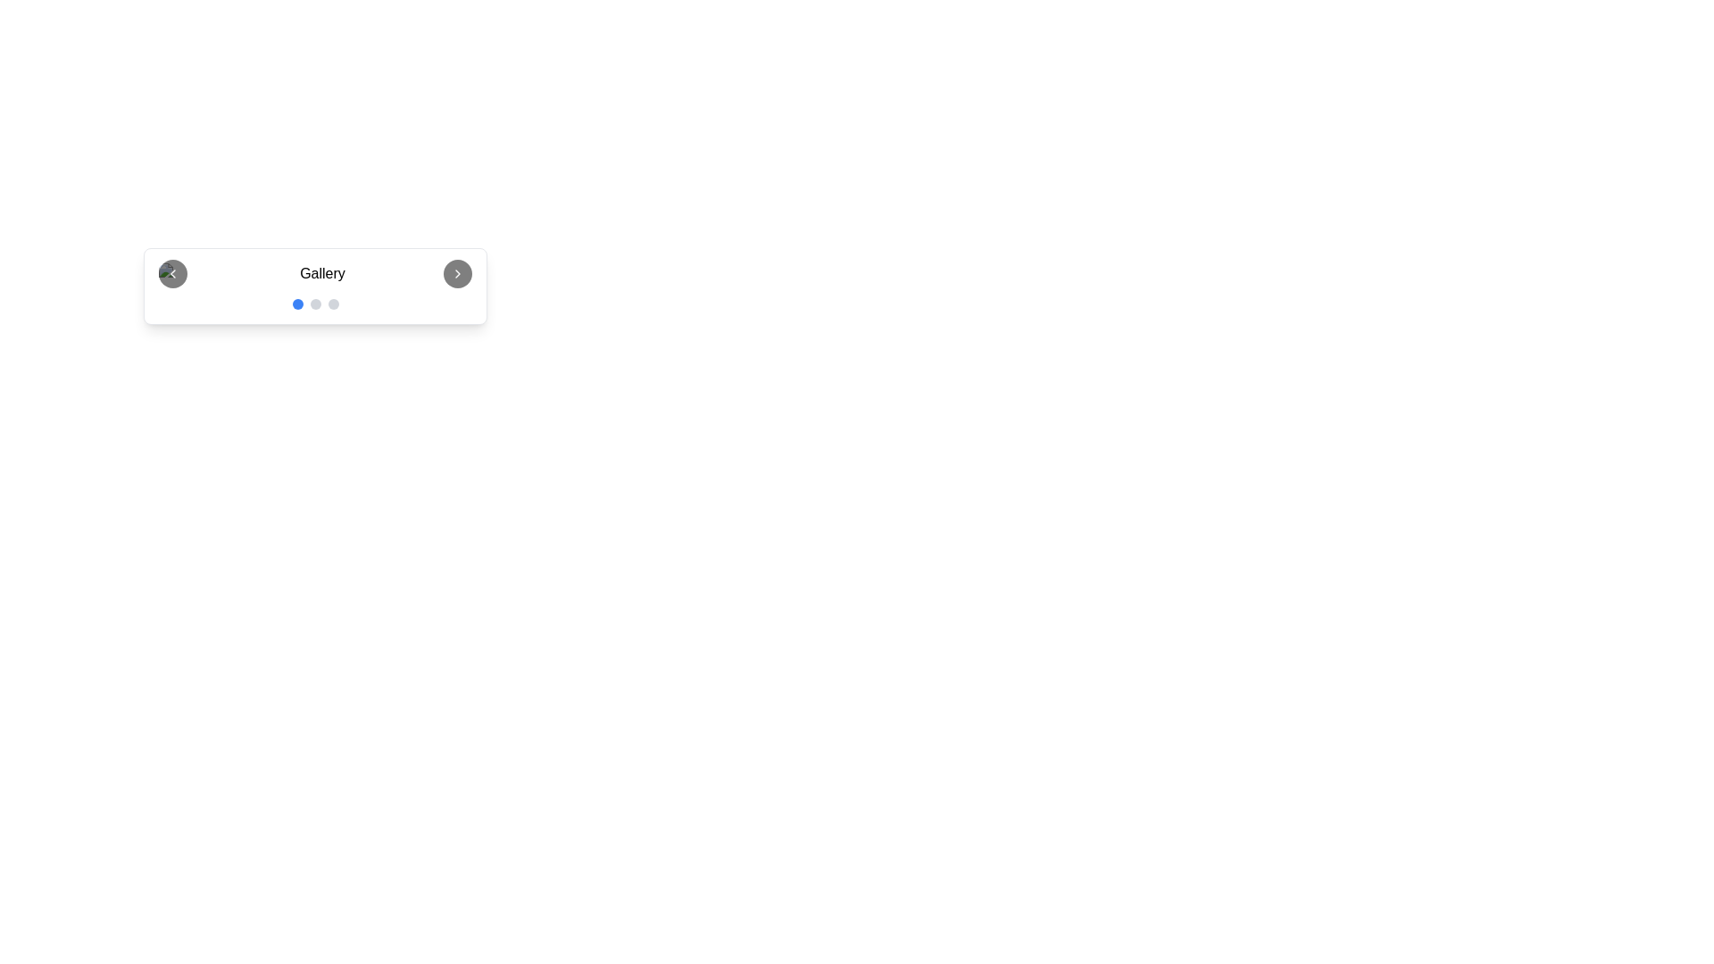 The width and height of the screenshot is (1714, 964). What do you see at coordinates (458, 274) in the screenshot?
I see `the right-facing chevron icon within the circular button located at the far right of the panel` at bounding box center [458, 274].